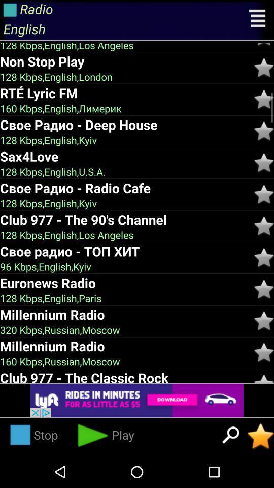 The height and width of the screenshot is (488, 274). What do you see at coordinates (137, 401) in the screenshot?
I see `advertisement` at bounding box center [137, 401].